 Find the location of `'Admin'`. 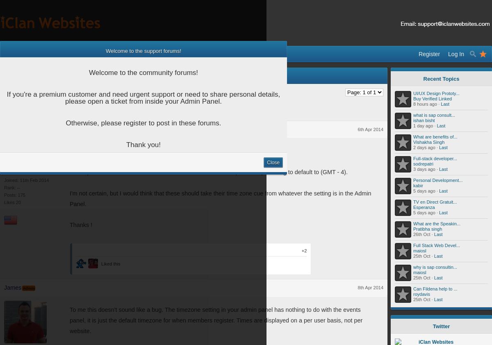

'Admin' is located at coordinates (28, 288).